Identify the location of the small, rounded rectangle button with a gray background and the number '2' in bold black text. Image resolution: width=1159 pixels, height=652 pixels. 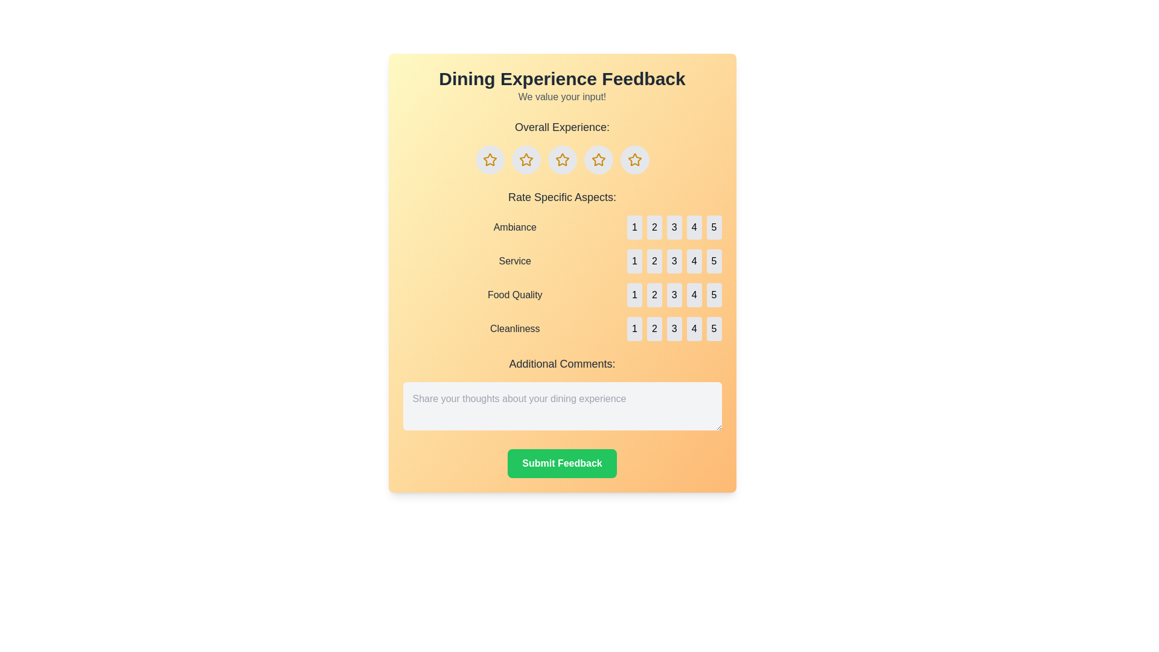
(654, 295).